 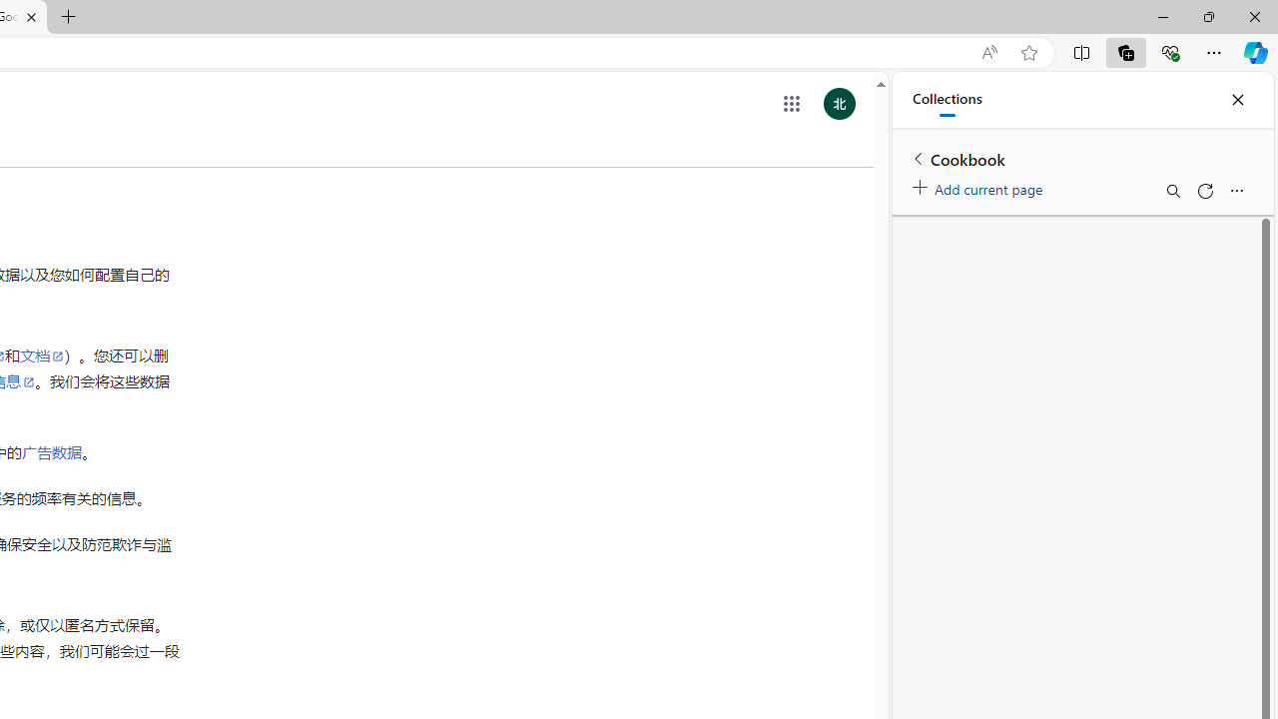 I want to click on 'Back to list of collections', so click(x=918, y=158).